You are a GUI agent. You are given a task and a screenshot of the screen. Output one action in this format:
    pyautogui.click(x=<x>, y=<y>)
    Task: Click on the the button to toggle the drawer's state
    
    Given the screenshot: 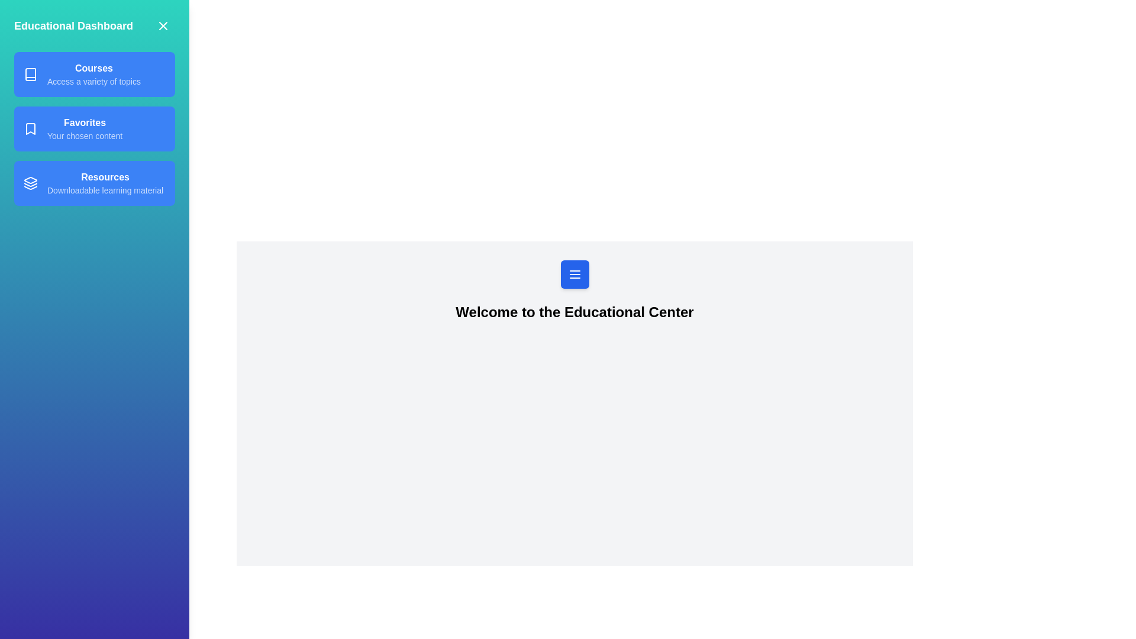 What is the action you would take?
    pyautogui.click(x=575, y=274)
    